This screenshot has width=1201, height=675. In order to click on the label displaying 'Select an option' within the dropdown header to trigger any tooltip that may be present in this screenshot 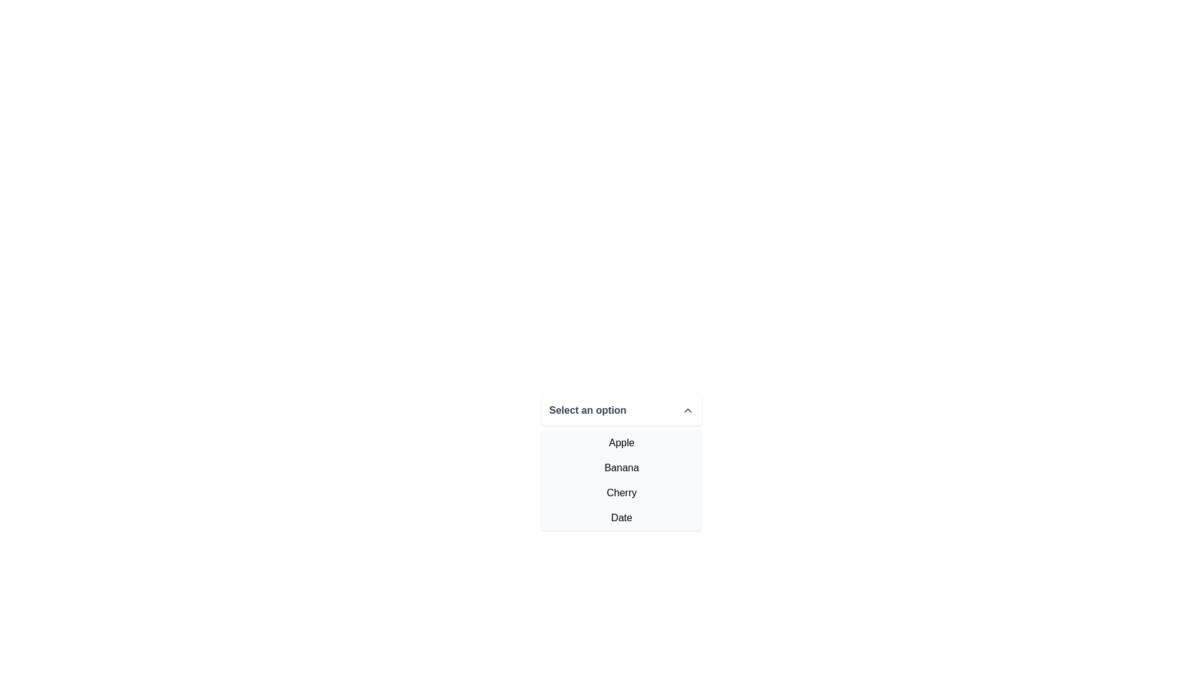, I will do `click(587, 410)`.